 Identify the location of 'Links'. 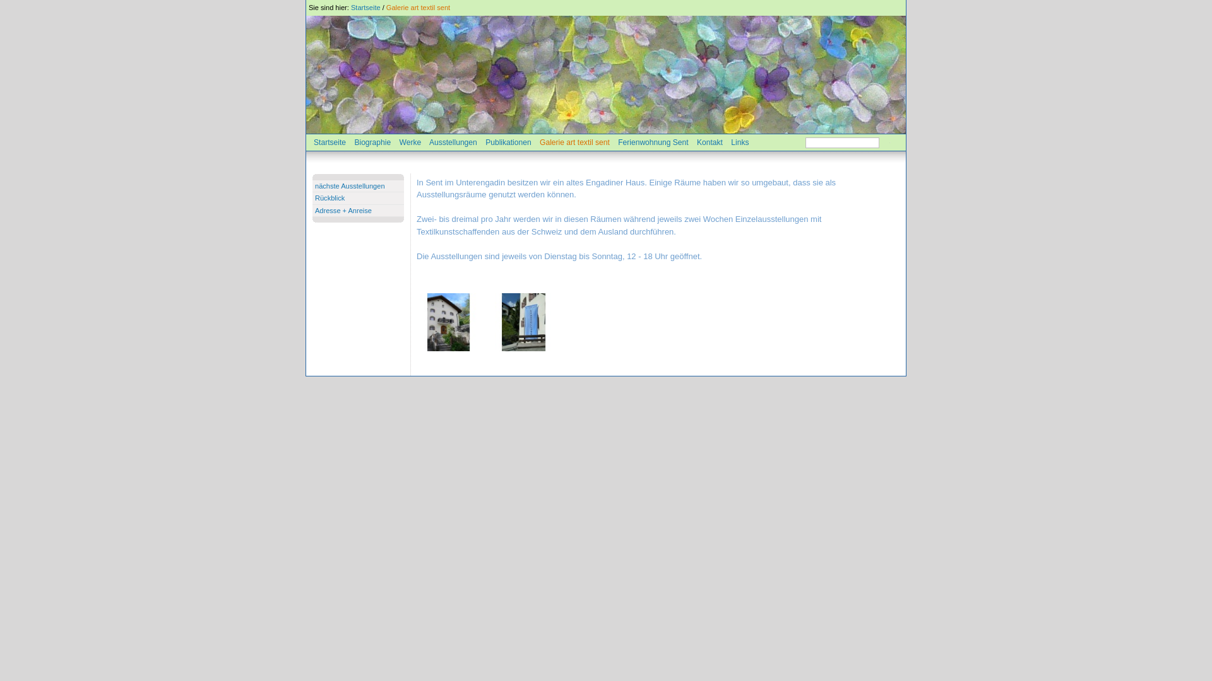
(739, 142).